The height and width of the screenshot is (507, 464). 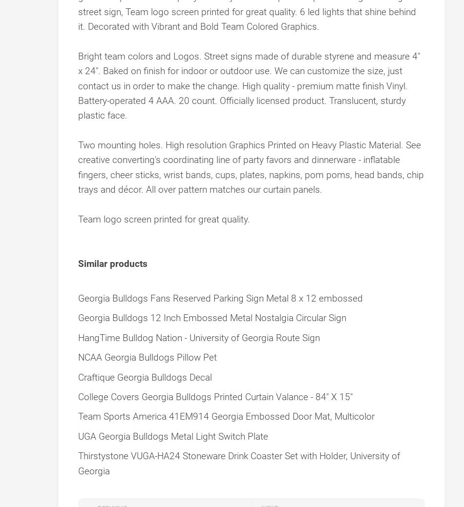 What do you see at coordinates (78, 376) in the screenshot?
I see `'Craftique Georgia Bulldogs Decal'` at bounding box center [78, 376].